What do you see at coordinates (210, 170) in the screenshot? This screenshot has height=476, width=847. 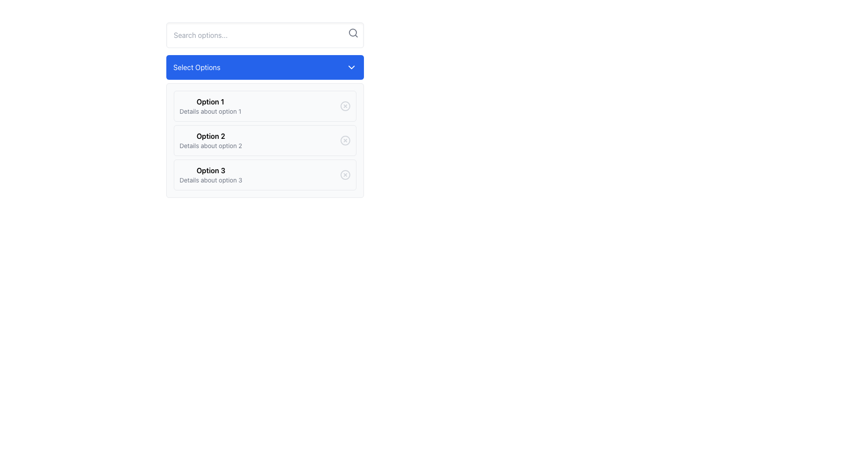 I see `the text label for the third option in the selection list, which serves as its title and is located below the dropdown titled 'Select Options'` at bounding box center [210, 170].